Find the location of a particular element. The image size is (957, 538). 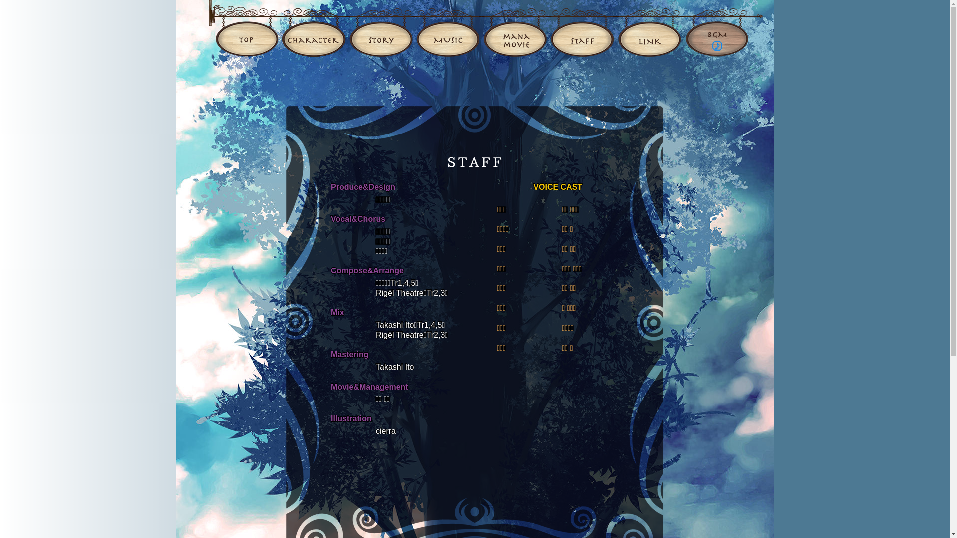

'cierra' is located at coordinates (385, 430).